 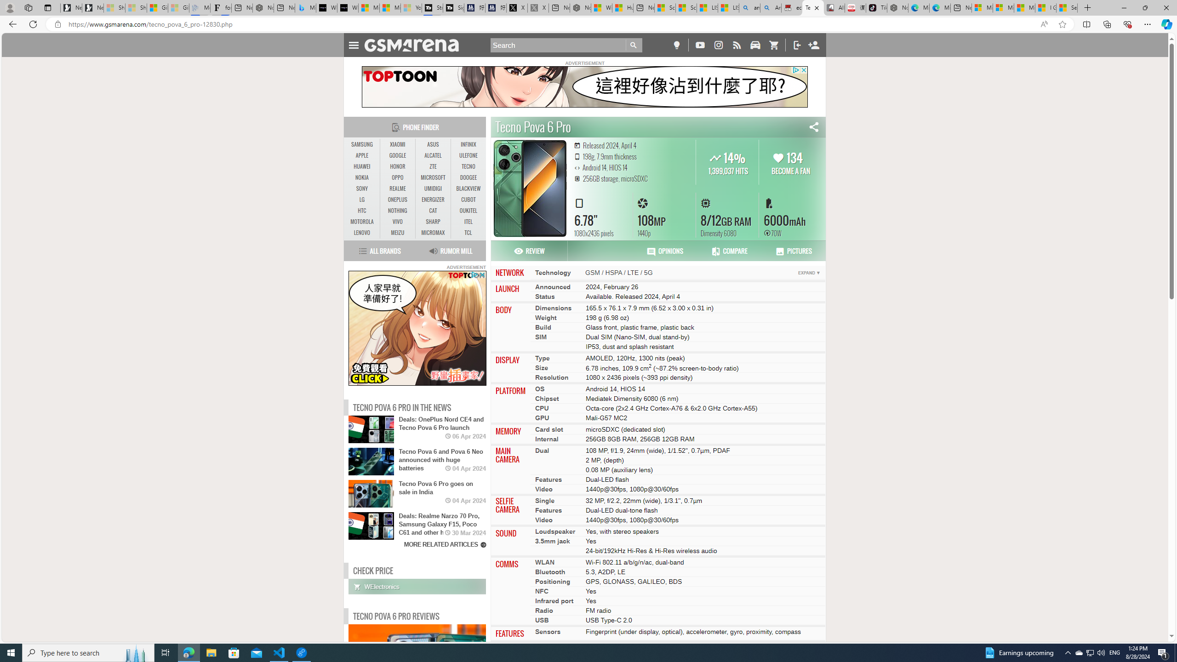 What do you see at coordinates (468, 155) in the screenshot?
I see `'ULEFONE'` at bounding box center [468, 155].